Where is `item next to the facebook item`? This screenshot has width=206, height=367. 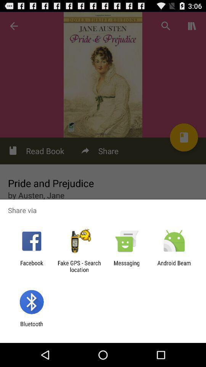
item next to the facebook item is located at coordinates (79, 266).